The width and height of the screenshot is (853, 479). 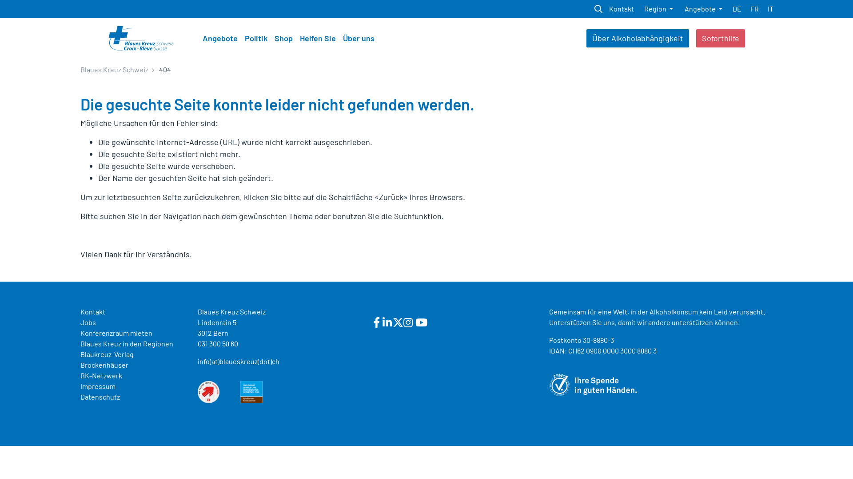 I want to click on 'Datenschutz', so click(x=100, y=396).